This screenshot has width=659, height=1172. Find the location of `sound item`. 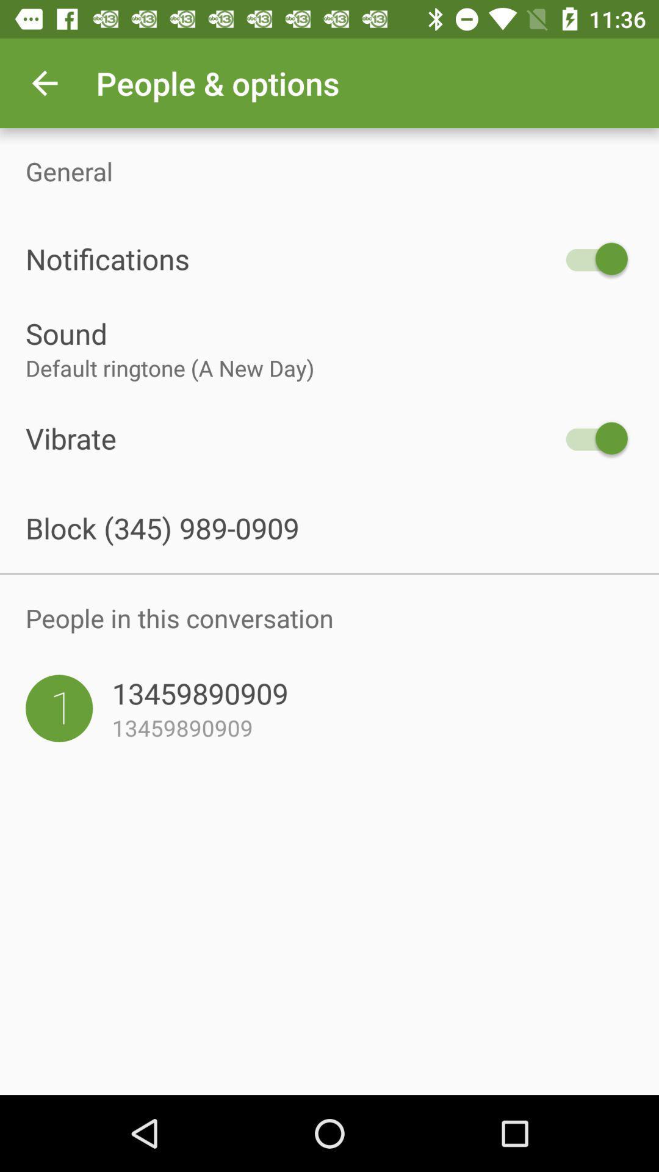

sound item is located at coordinates (329, 333).